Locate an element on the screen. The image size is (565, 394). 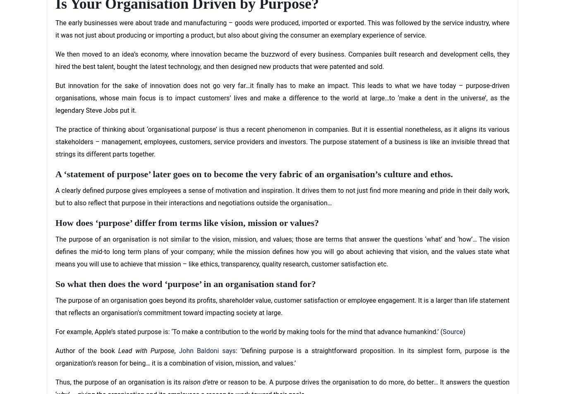
'Source' is located at coordinates (452, 331).